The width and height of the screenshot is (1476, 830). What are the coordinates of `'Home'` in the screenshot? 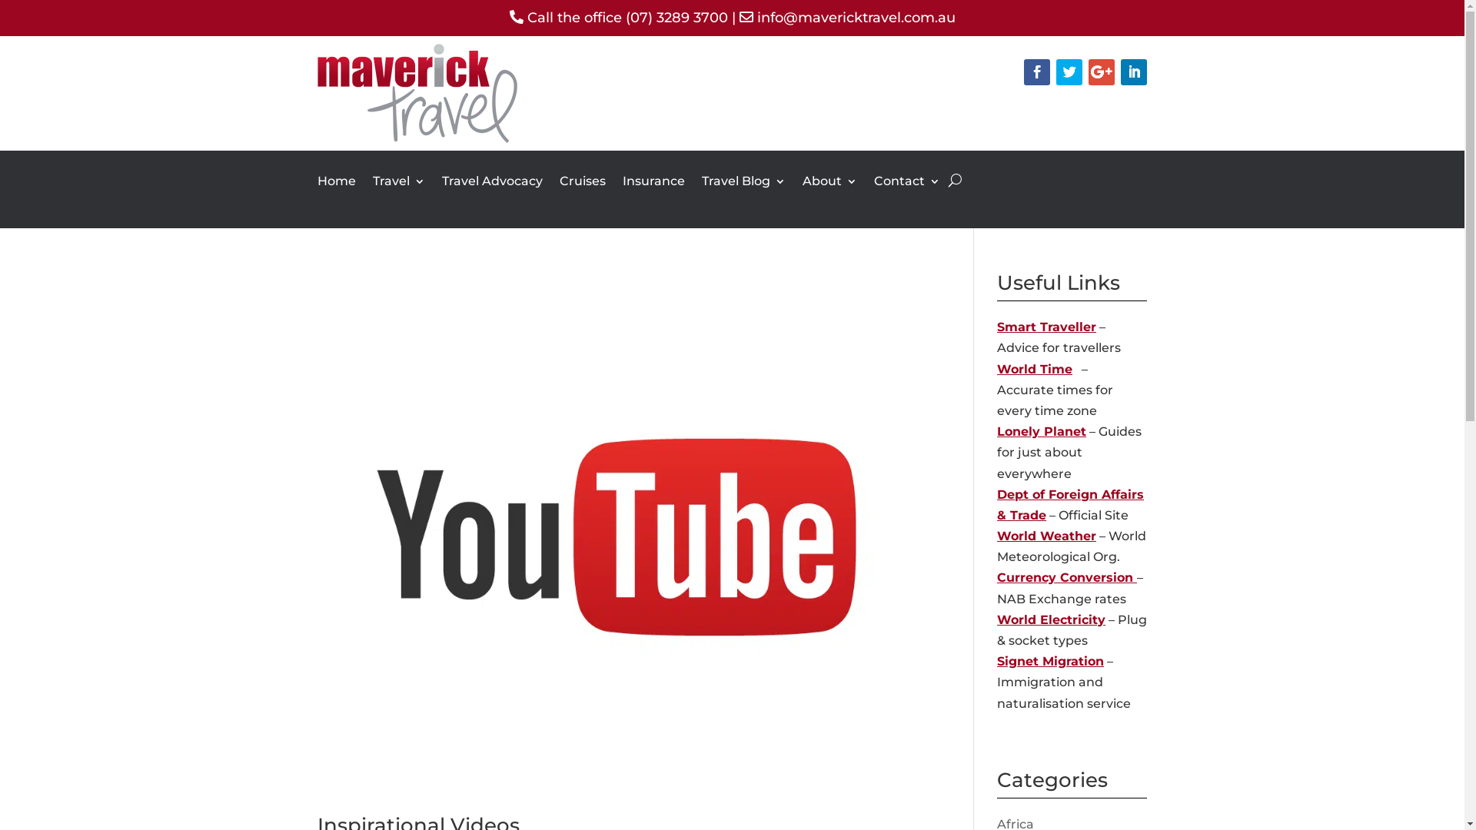 It's located at (334, 191).